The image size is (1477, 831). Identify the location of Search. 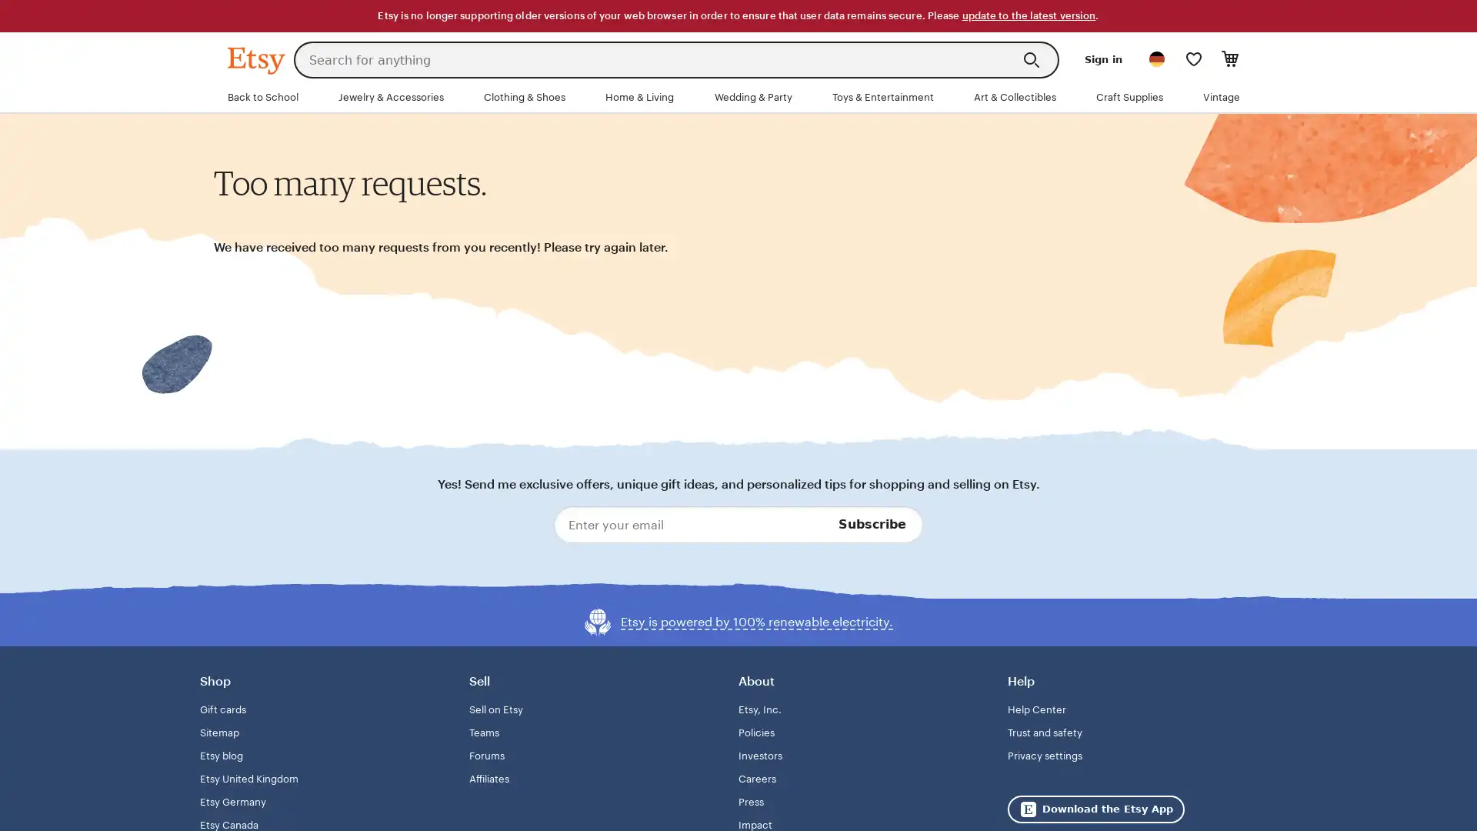
(1035, 58).